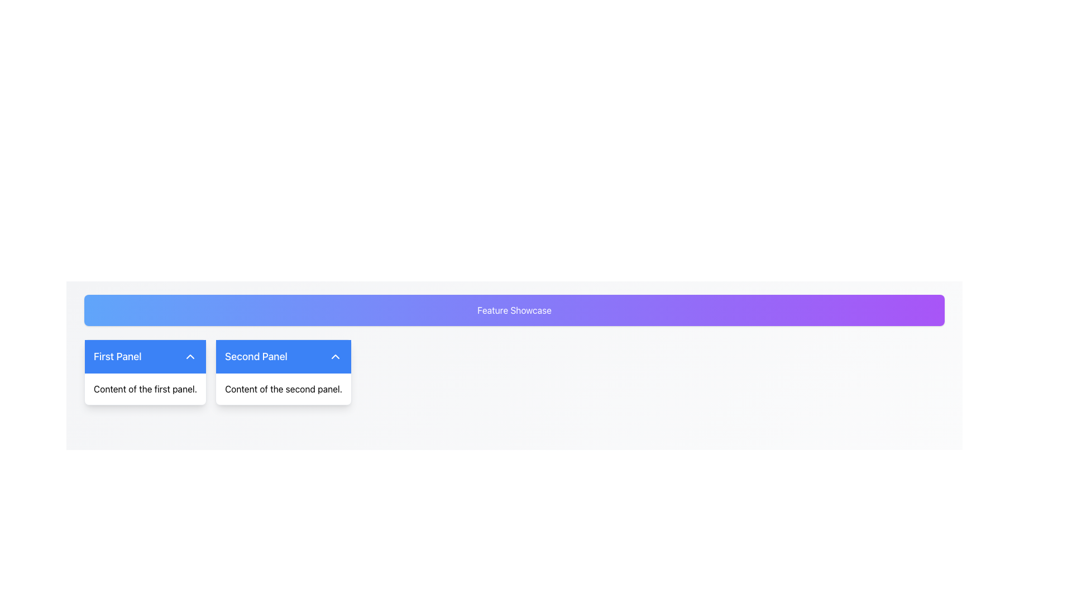  What do you see at coordinates (145, 372) in the screenshot?
I see `the Collapsible Panel with the blue header labeled 'First Panel'` at bounding box center [145, 372].